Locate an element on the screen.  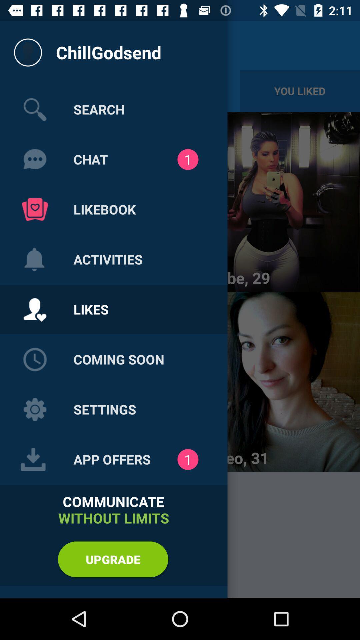
fourth option under chillgodsend is located at coordinates (35, 259).